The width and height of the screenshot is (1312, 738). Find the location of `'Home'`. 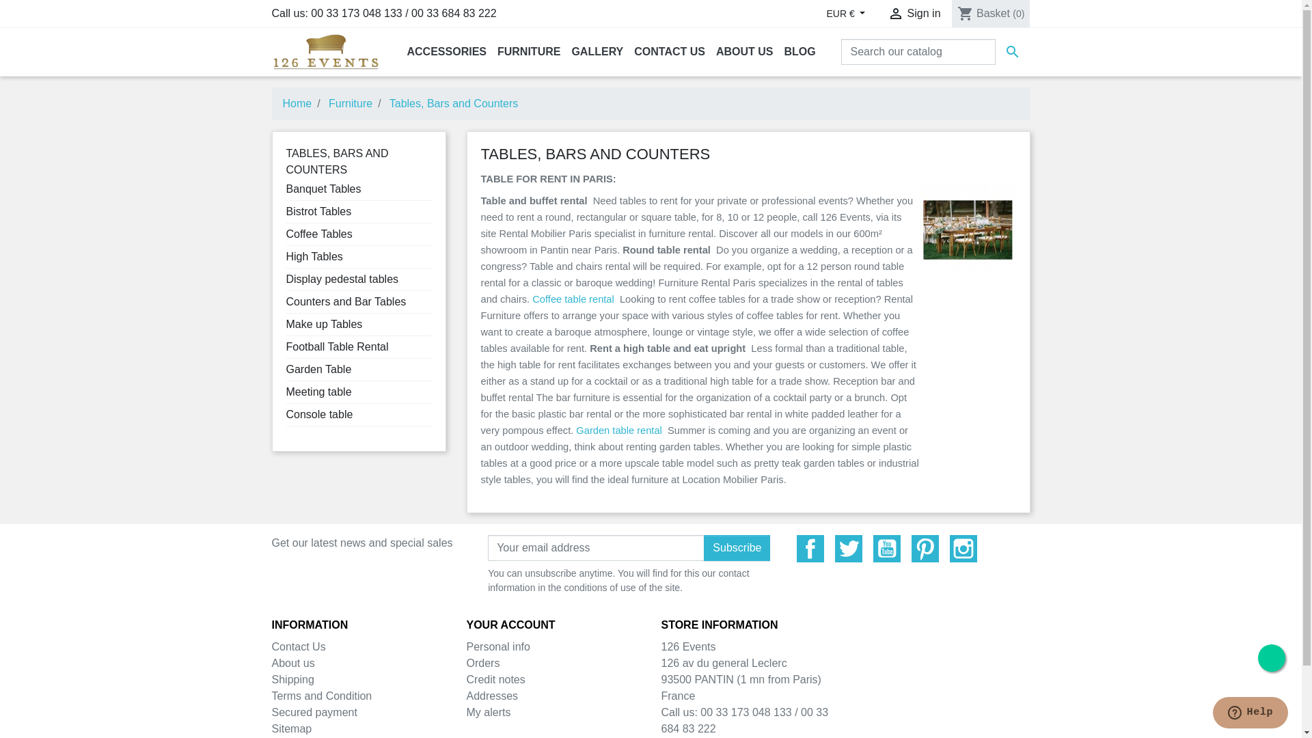

'Home' is located at coordinates (282, 102).